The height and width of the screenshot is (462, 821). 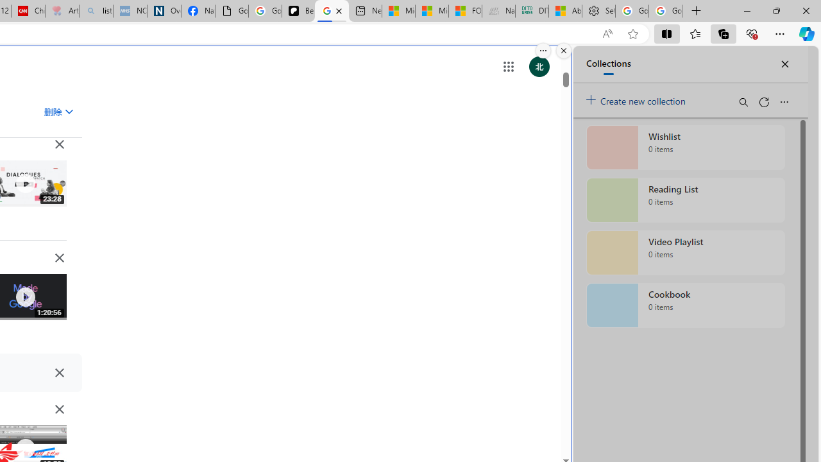 What do you see at coordinates (25, 448) in the screenshot?
I see `'Class: IVR0f NMm5M'` at bounding box center [25, 448].